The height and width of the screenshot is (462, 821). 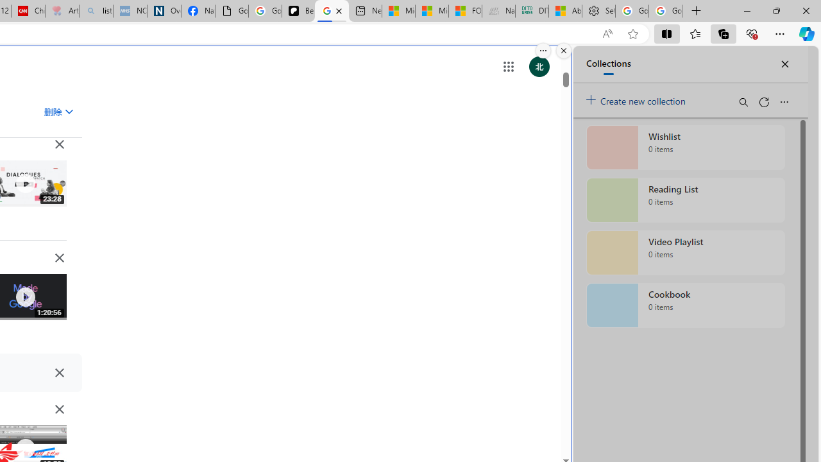 What do you see at coordinates (25, 448) in the screenshot?
I see `'Class: IVR0f NMm5M'` at bounding box center [25, 448].